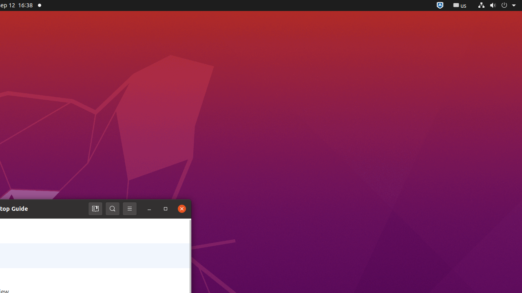  What do you see at coordinates (129, 208) in the screenshot?
I see `'Menu'` at bounding box center [129, 208].